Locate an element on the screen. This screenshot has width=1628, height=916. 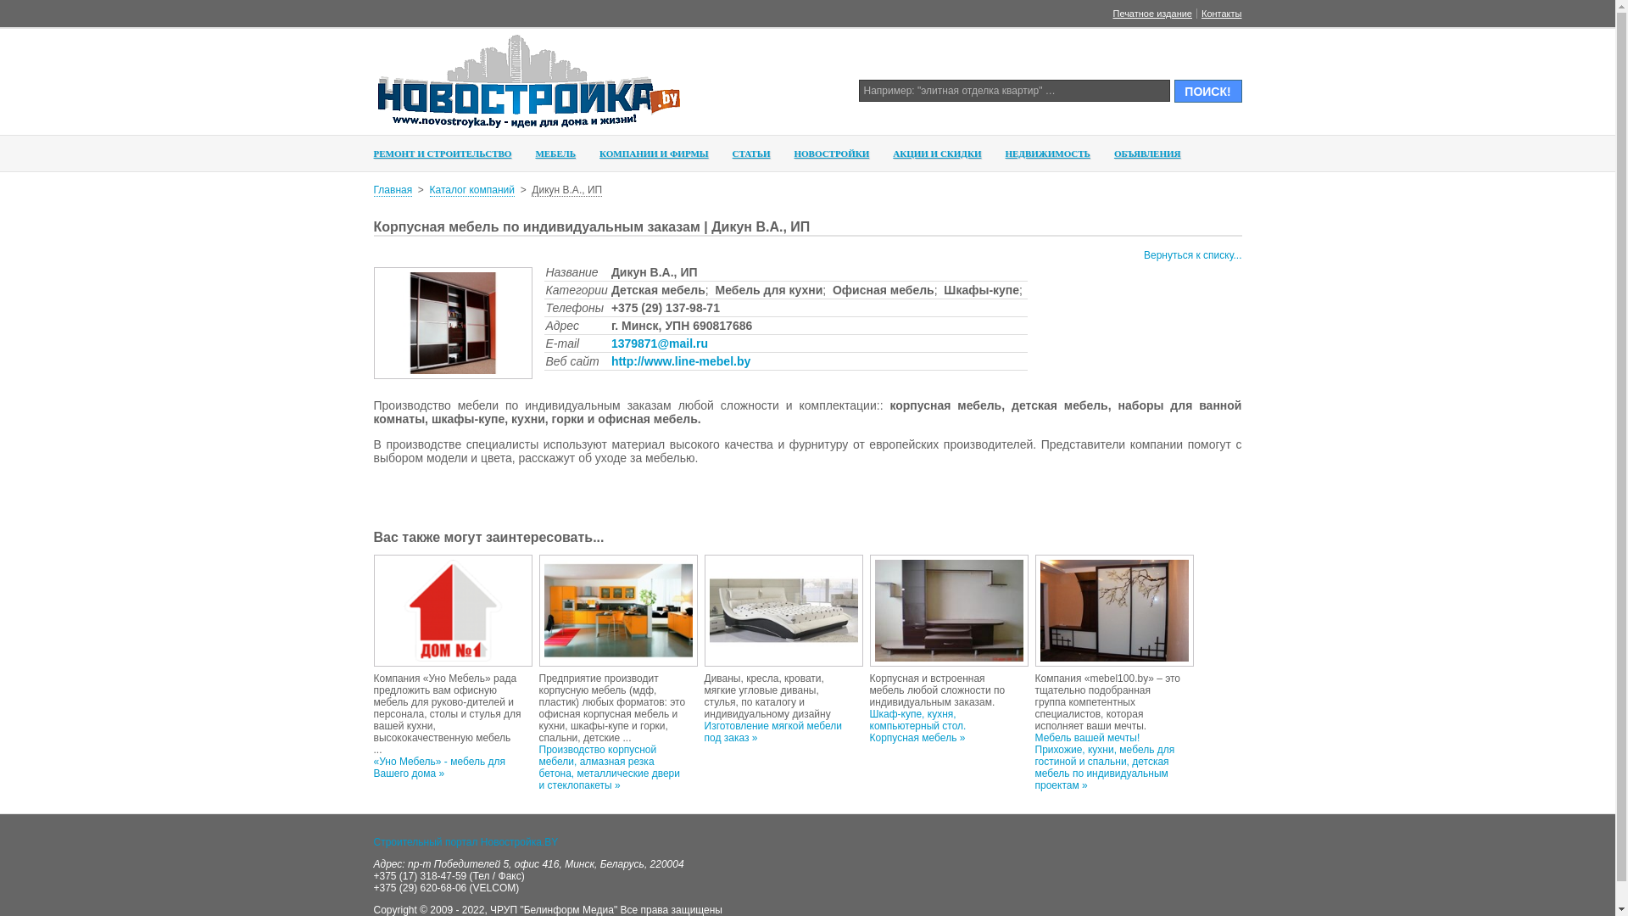
'http://www.line-mebel.by' is located at coordinates (680, 360).